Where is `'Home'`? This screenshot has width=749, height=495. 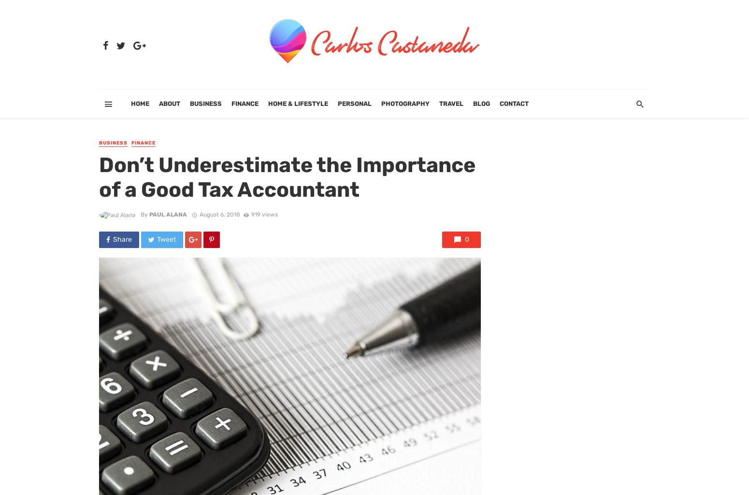 'Home' is located at coordinates (140, 103).